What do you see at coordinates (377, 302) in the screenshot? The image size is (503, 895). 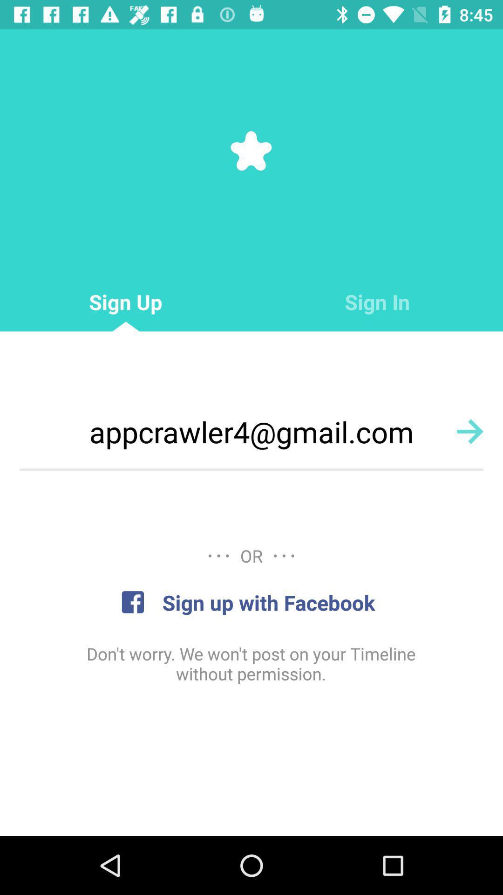 I see `icon next to the sign up icon` at bounding box center [377, 302].